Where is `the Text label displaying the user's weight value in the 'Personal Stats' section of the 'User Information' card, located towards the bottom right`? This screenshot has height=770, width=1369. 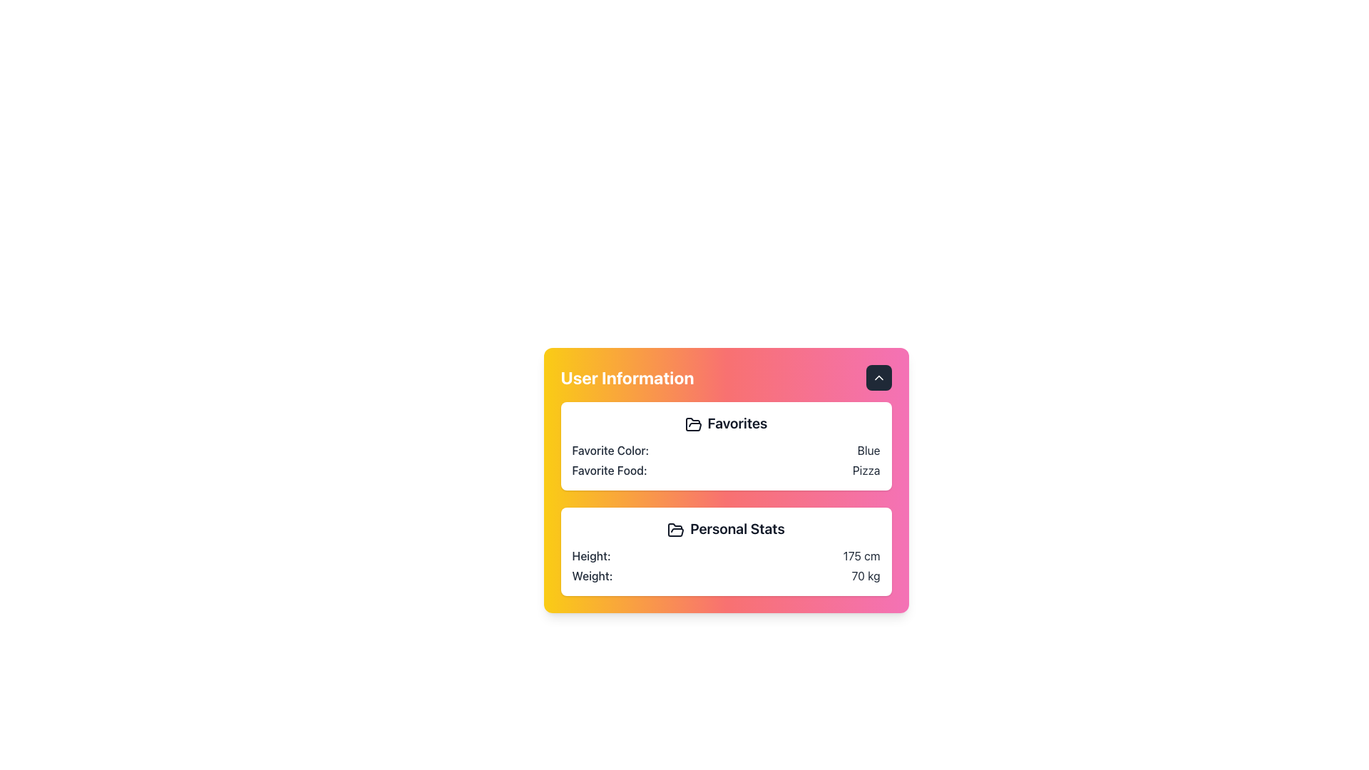 the Text label displaying the user's weight value in the 'Personal Stats' section of the 'User Information' card, located towards the bottom right is located at coordinates (865, 575).